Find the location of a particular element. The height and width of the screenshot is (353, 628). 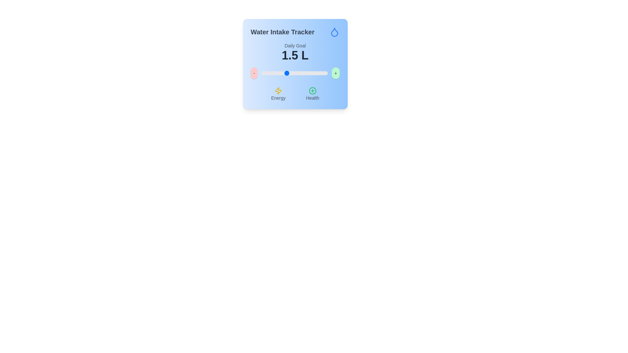

the slider value is located at coordinates (261, 73).